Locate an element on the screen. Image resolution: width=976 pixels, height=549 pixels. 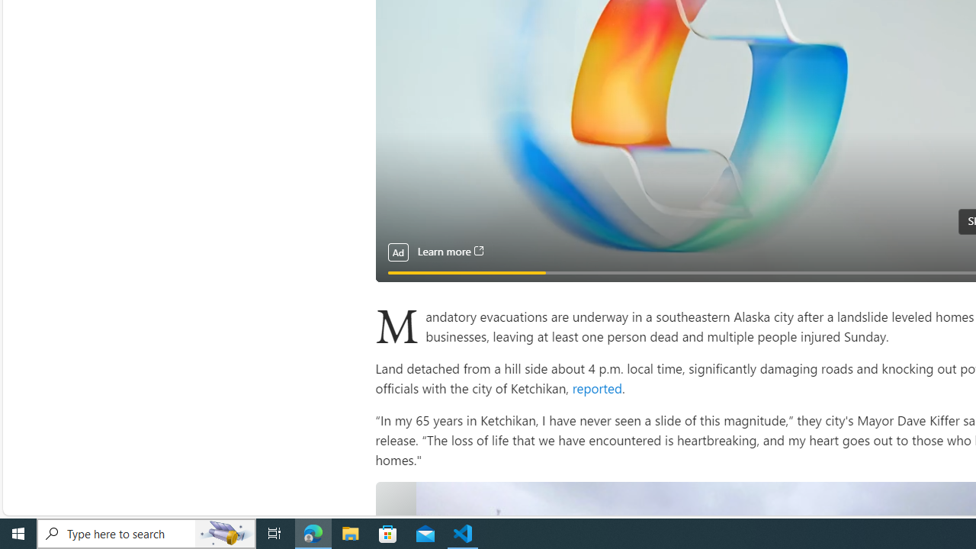
' reported' is located at coordinates (595, 387).